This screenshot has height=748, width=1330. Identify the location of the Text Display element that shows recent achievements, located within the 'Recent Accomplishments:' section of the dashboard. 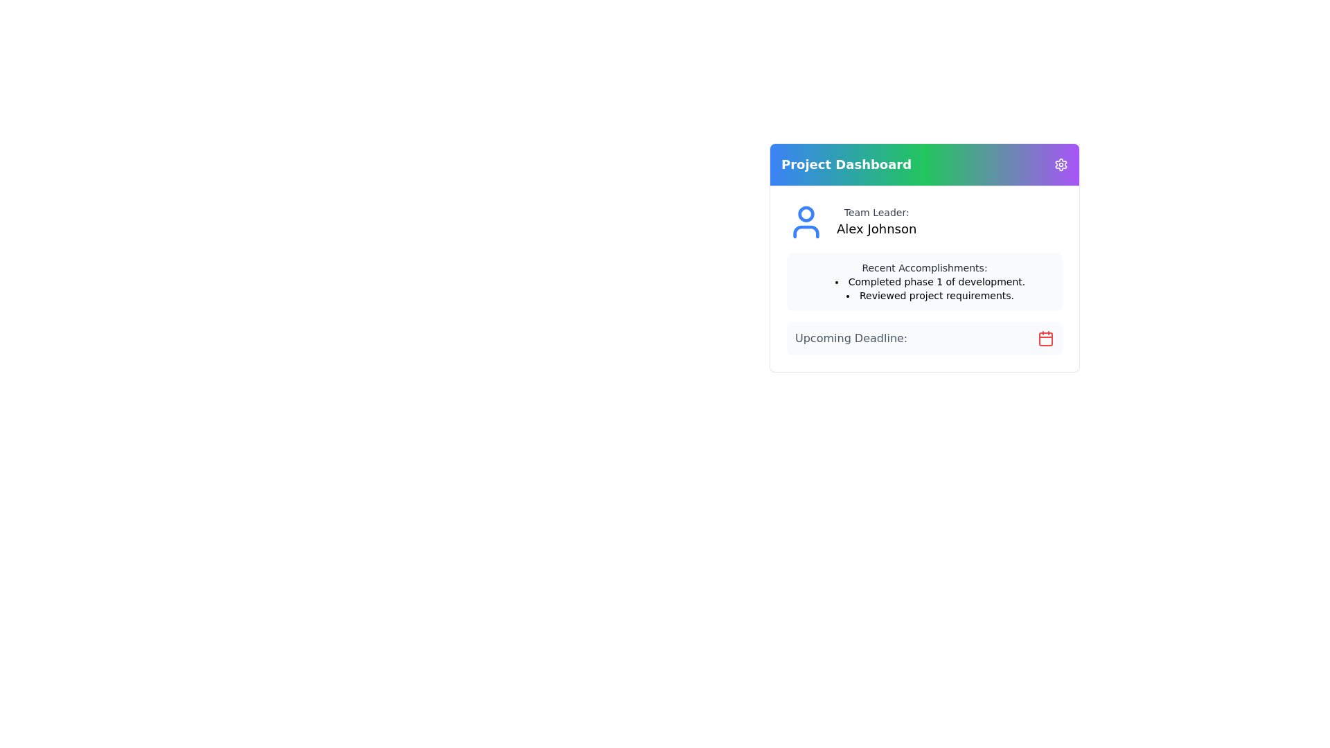
(930, 287).